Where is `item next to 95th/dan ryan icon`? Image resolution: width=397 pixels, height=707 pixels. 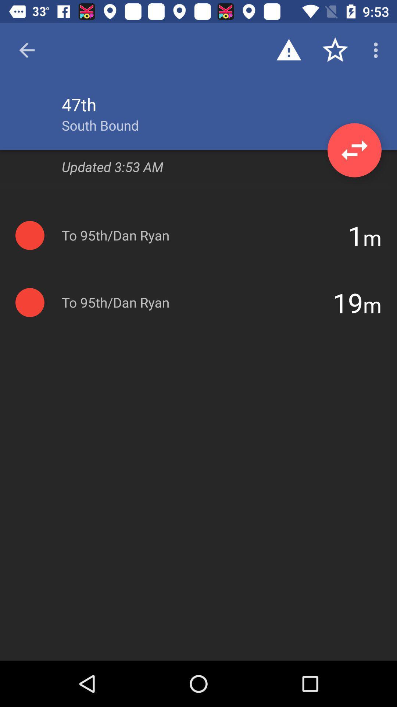 item next to 95th/dan ryan icon is located at coordinates (355, 235).